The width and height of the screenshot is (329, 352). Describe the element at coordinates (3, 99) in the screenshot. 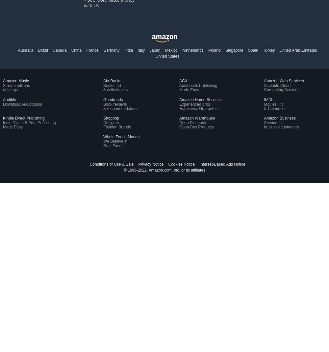

I see `'Audible'` at that location.